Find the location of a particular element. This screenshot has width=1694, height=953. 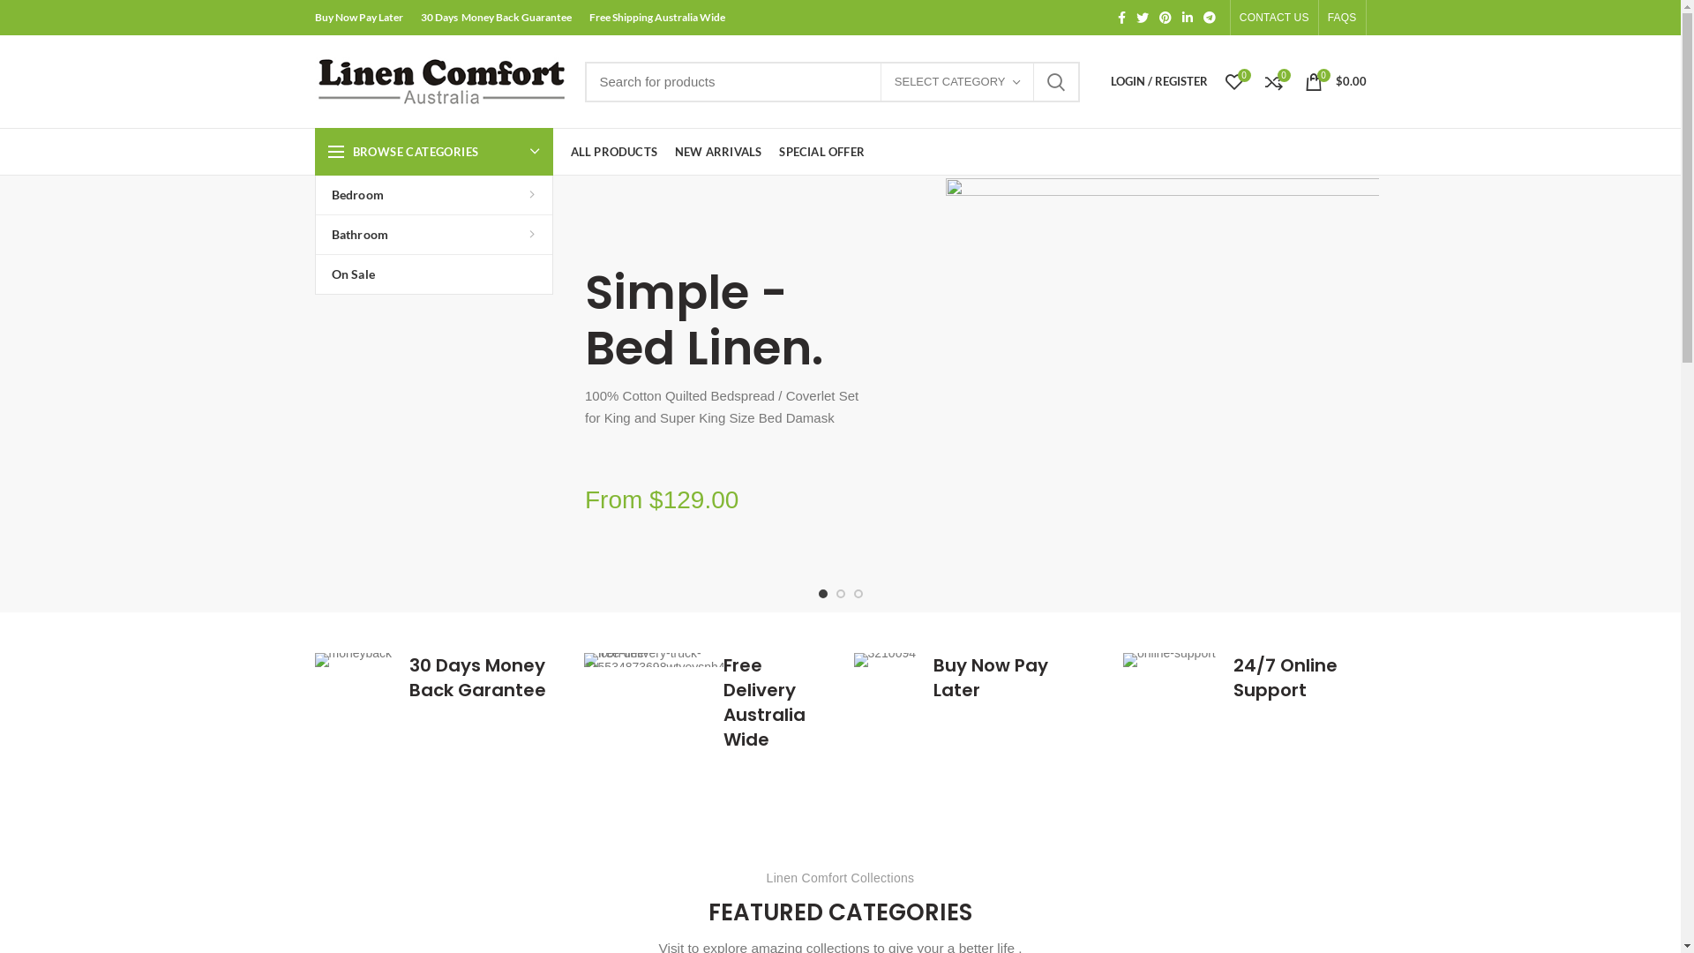

'SPECIAL OFFER' is located at coordinates (821, 151).